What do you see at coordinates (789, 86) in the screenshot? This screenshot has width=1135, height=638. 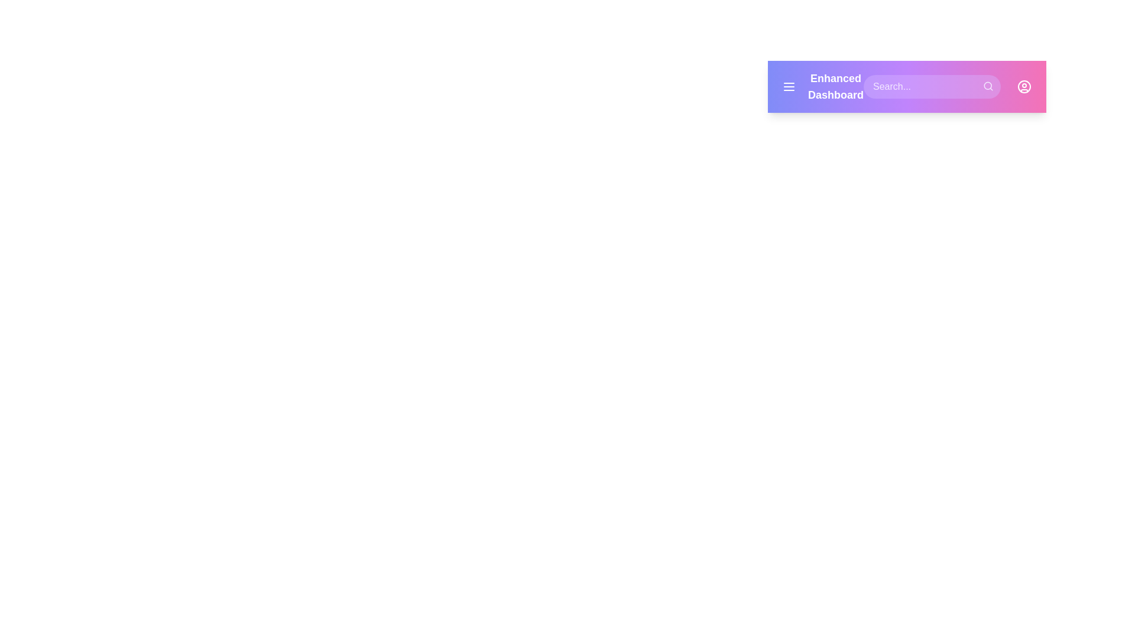 I see `the menu button in the EnhancedAppBar component` at bounding box center [789, 86].